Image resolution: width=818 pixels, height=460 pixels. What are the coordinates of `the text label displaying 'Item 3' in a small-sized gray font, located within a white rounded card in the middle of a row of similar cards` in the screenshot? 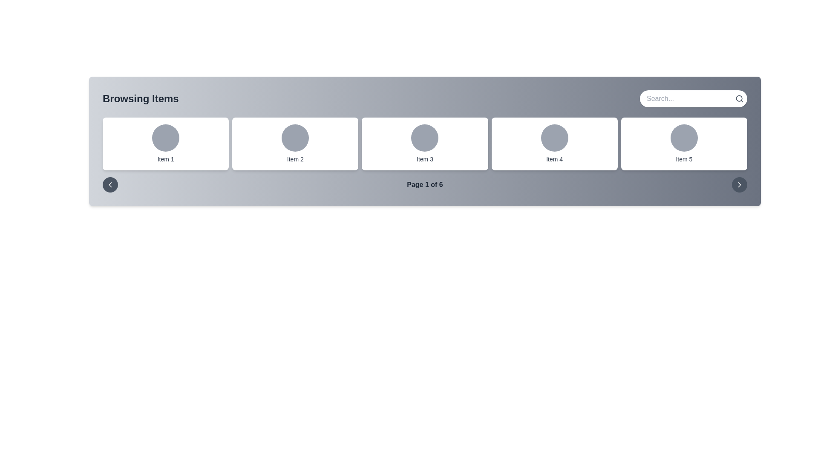 It's located at (425, 159).